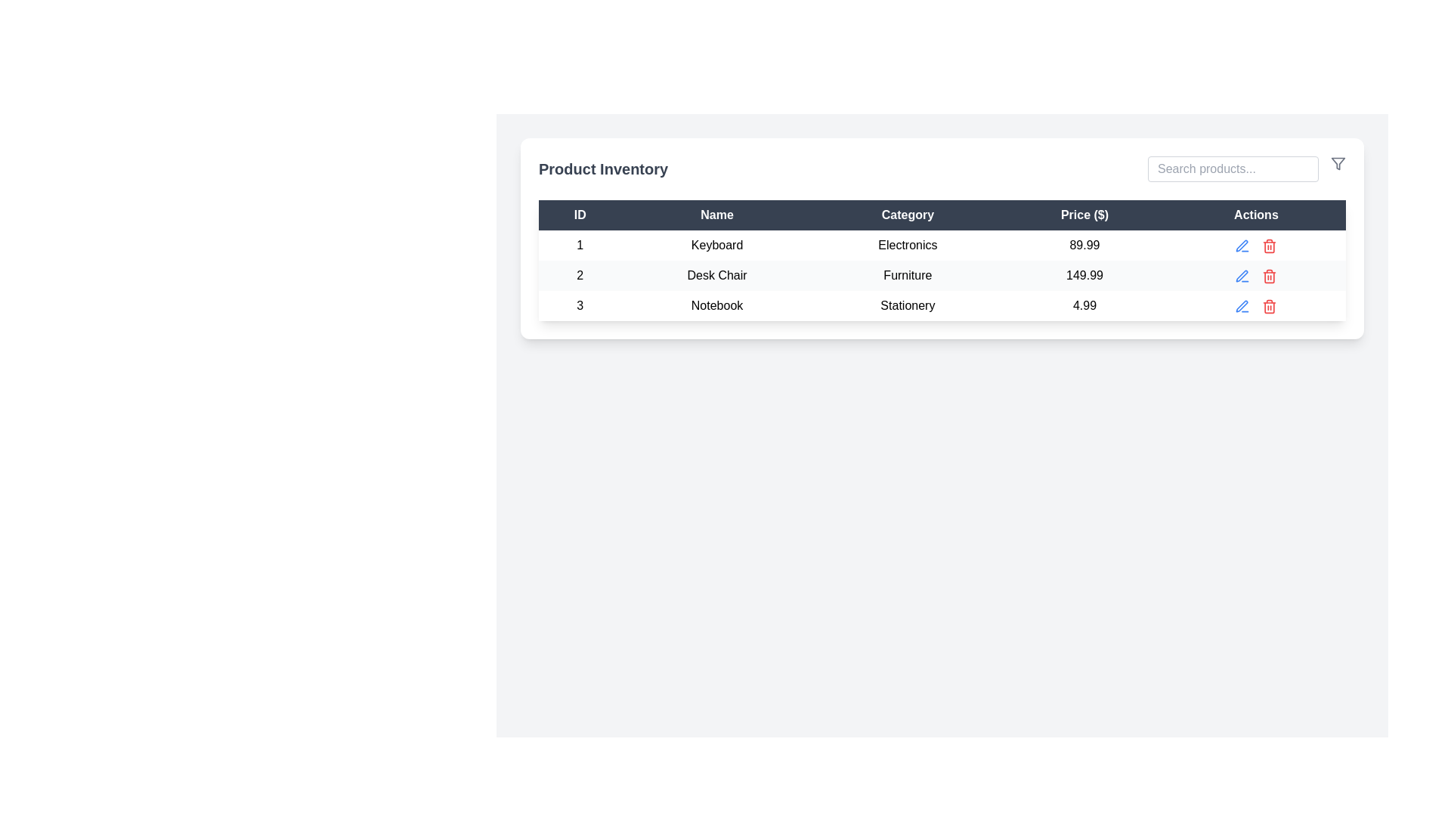 The width and height of the screenshot is (1451, 816). What do you see at coordinates (907, 276) in the screenshot?
I see `the static text label displaying 'Furniture', which is positioned in the third column of the second row in the table, adjacent to 'Desk Chair' on the left and '149.99' on the right` at bounding box center [907, 276].